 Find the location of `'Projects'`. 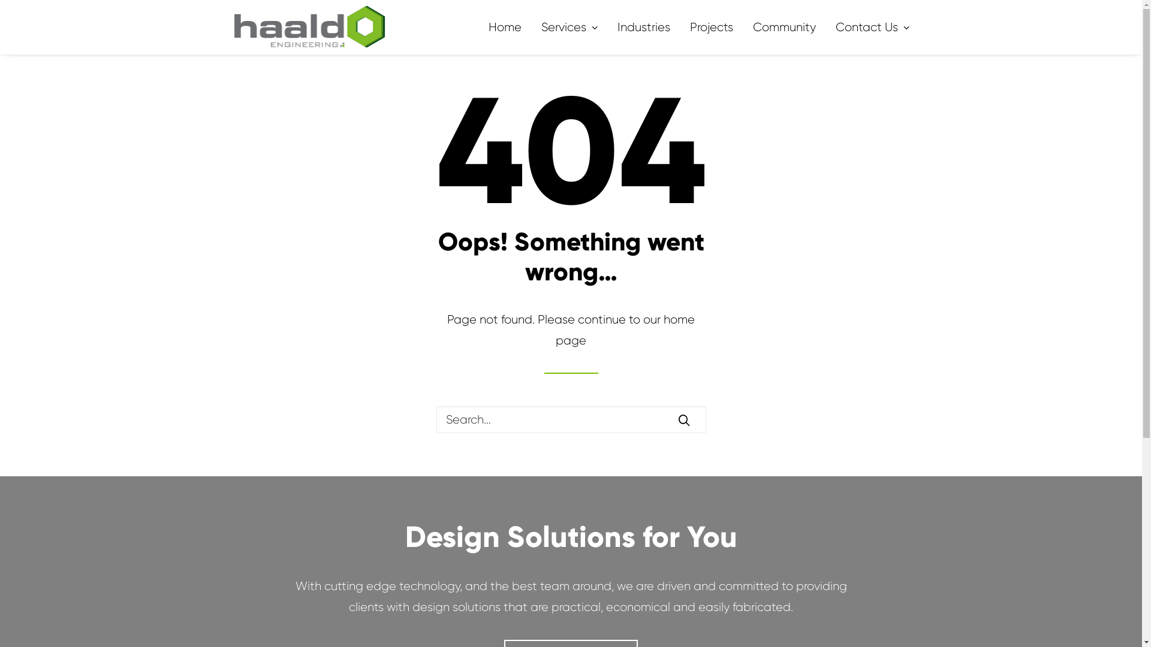

'Projects' is located at coordinates (681, 27).